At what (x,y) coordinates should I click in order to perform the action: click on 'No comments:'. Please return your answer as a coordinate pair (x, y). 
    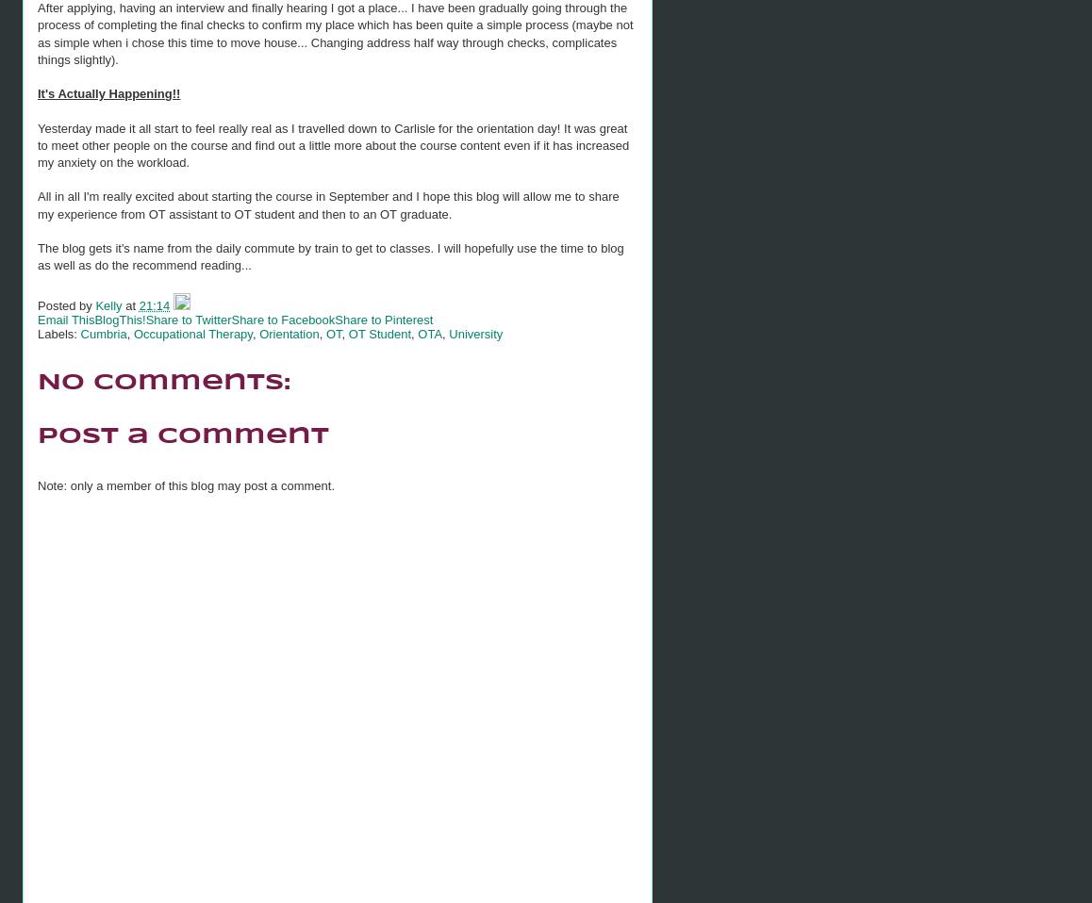
    Looking at the image, I should click on (163, 382).